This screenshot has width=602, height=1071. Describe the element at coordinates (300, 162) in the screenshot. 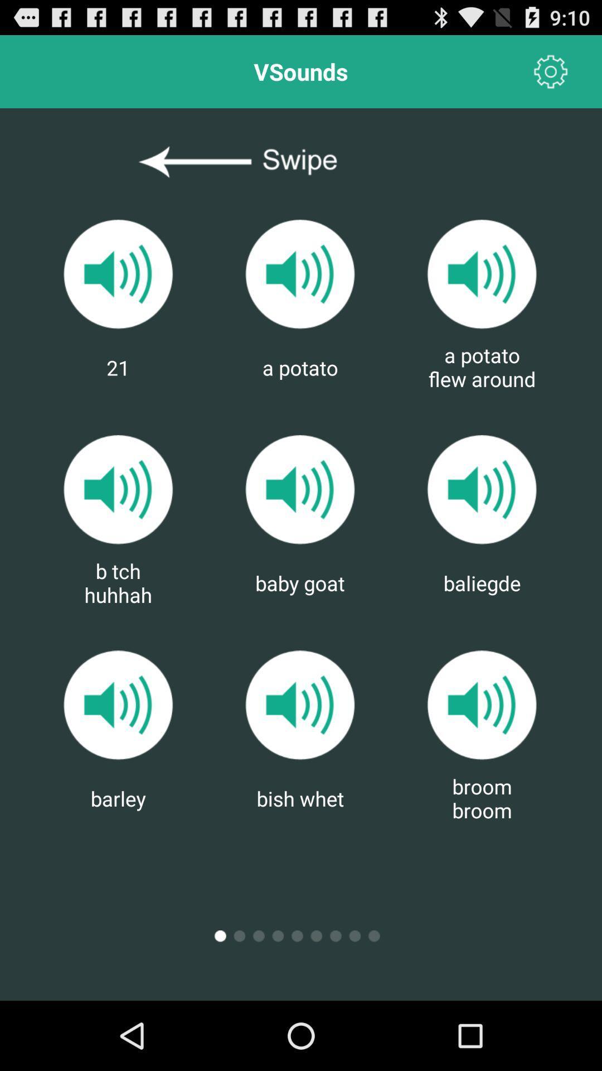

I see `swipe` at that location.